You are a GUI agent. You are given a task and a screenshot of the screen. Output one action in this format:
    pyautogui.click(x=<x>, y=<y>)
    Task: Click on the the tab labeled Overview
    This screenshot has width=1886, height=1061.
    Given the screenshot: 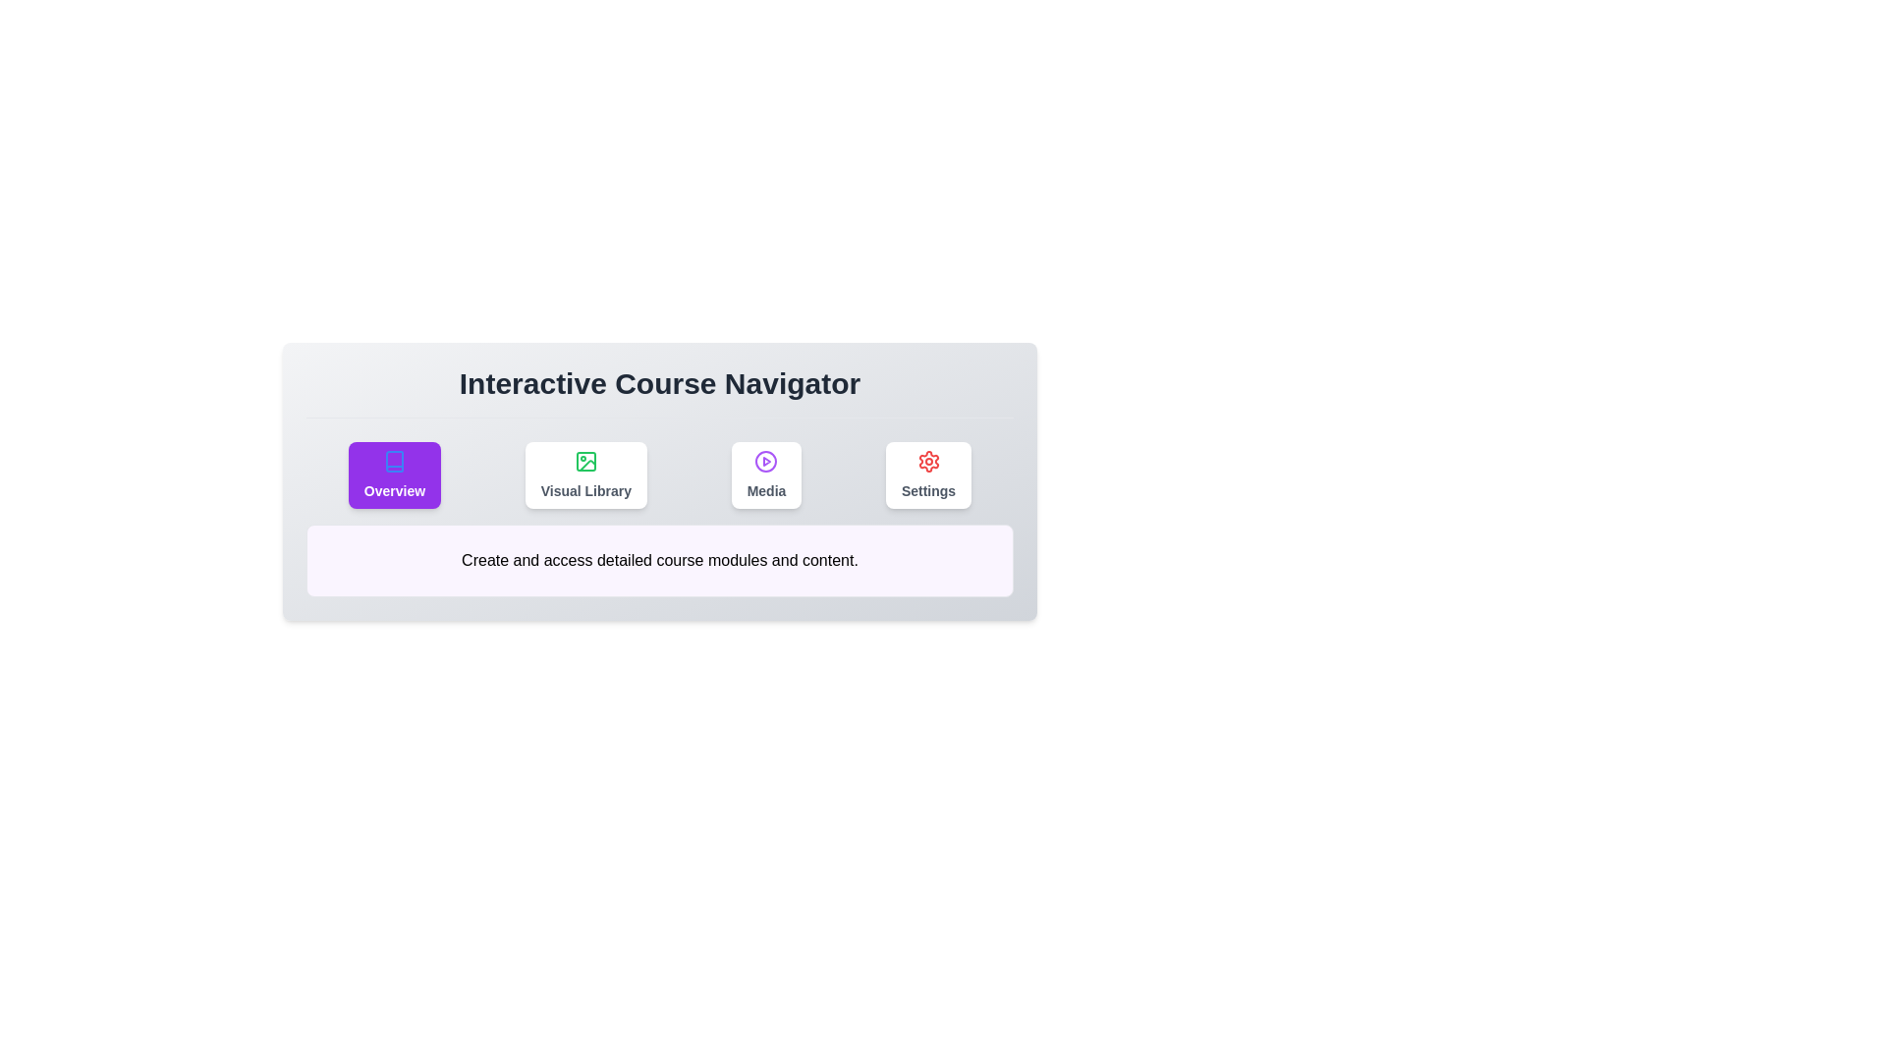 What is the action you would take?
    pyautogui.click(x=393, y=475)
    